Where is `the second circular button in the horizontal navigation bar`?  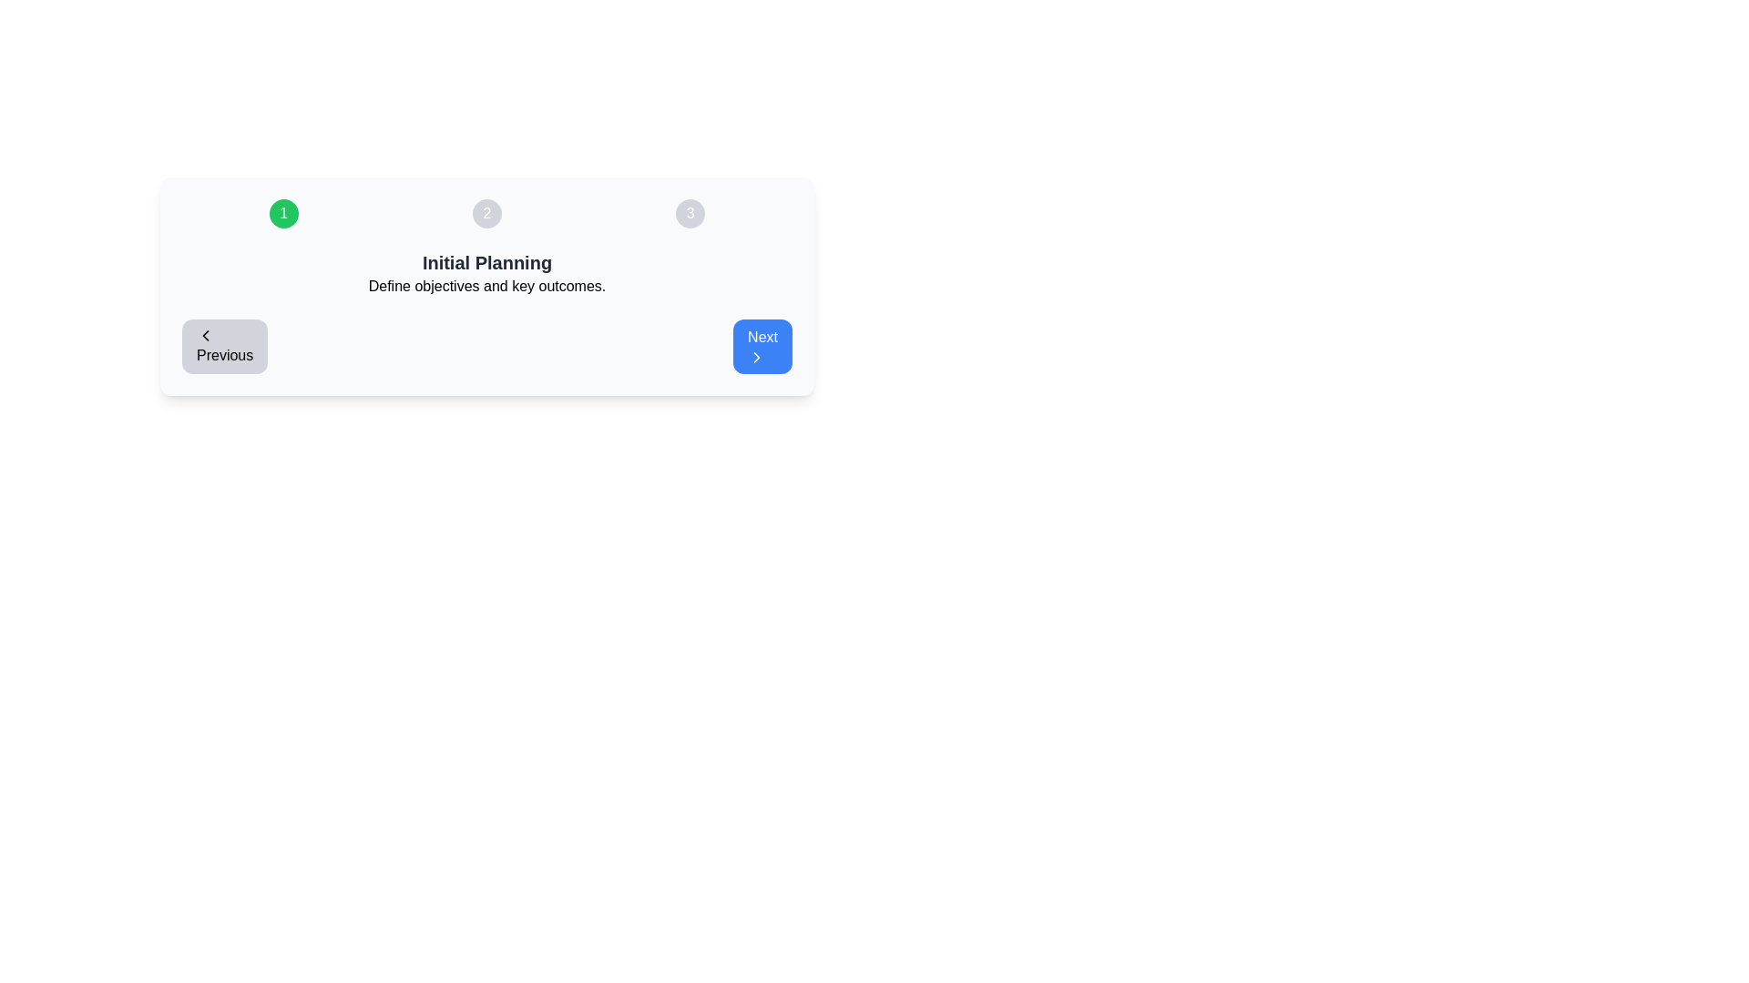
the second circular button in the horizontal navigation bar is located at coordinates (486, 213).